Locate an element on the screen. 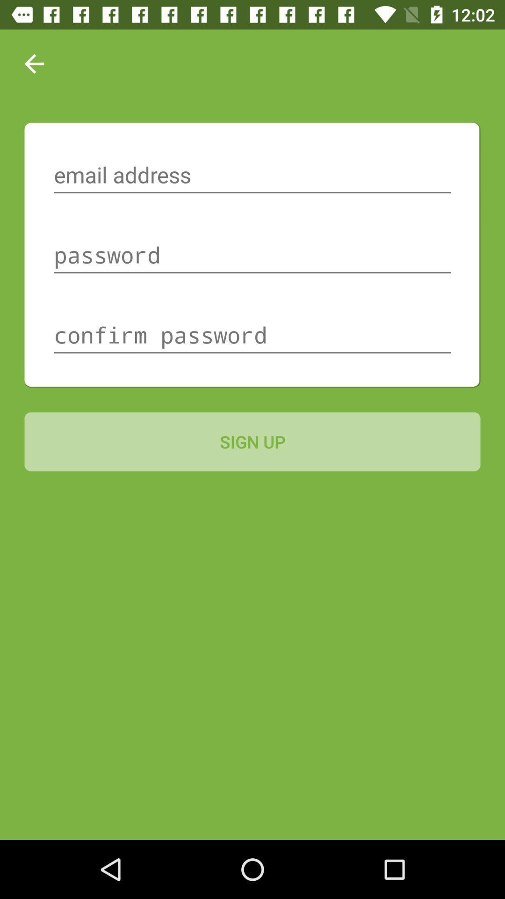  the icon at the top left corner is located at coordinates (34, 63).